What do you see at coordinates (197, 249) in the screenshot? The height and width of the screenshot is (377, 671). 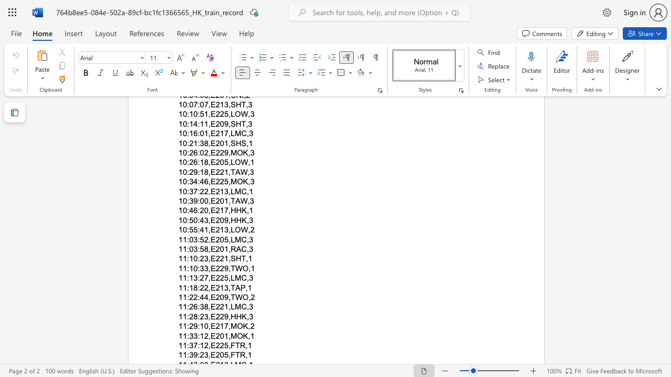 I see `the space between the continuous character "3" and ":" in the text` at bounding box center [197, 249].